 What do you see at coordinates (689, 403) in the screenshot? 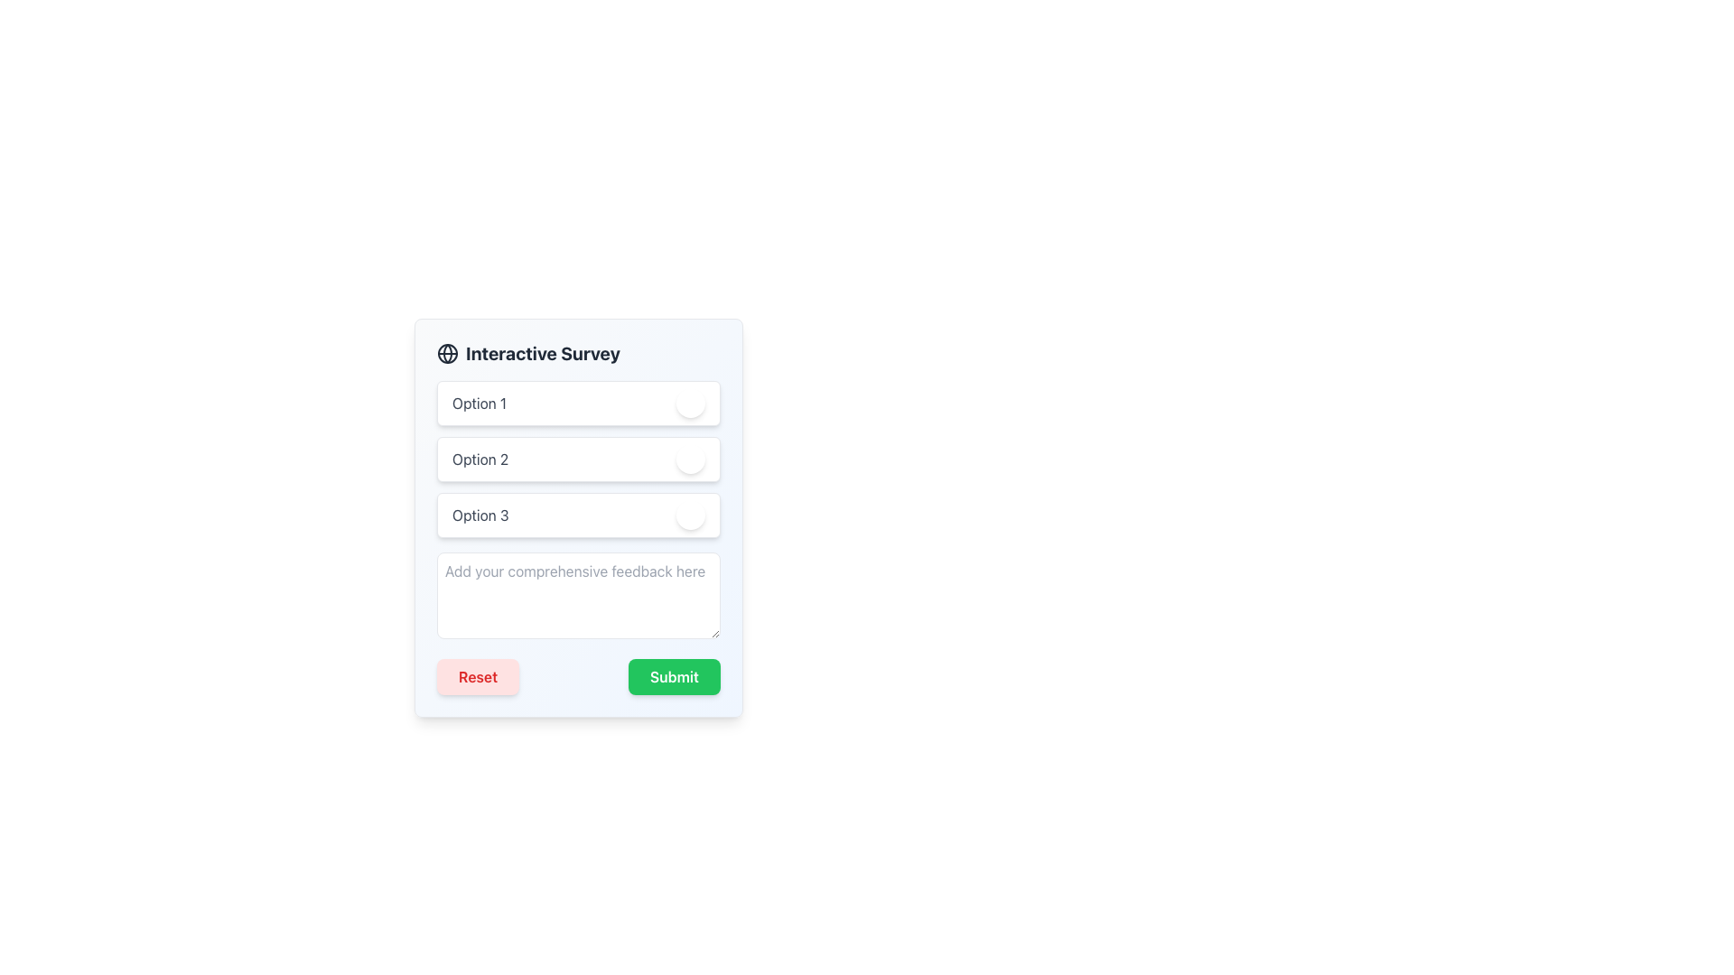
I see `the toggle button for 'Option 1'` at bounding box center [689, 403].